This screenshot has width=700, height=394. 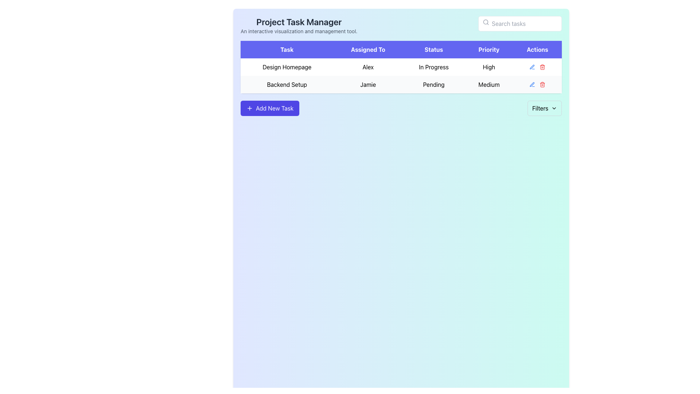 What do you see at coordinates (532, 84) in the screenshot?
I see `the SVG-based pen icon for editing functions in the 'Actions' column of the 'Backend Setup' task row` at bounding box center [532, 84].